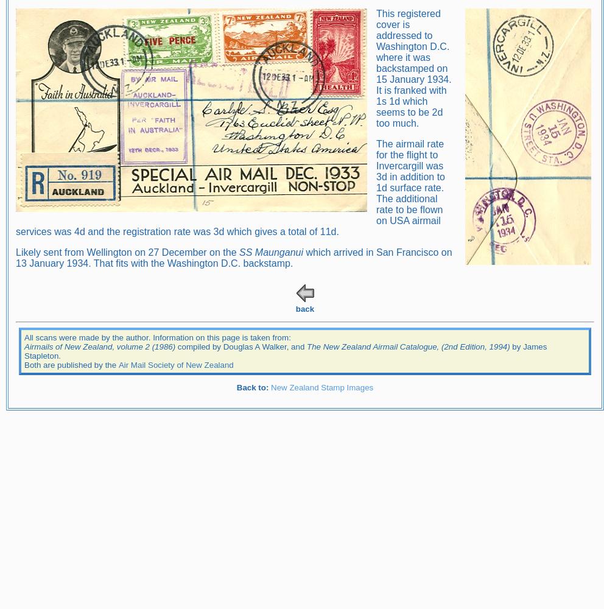 The height and width of the screenshot is (609, 604). I want to click on 'compiled by
Douglas A Walker, and', so click(241, 346).